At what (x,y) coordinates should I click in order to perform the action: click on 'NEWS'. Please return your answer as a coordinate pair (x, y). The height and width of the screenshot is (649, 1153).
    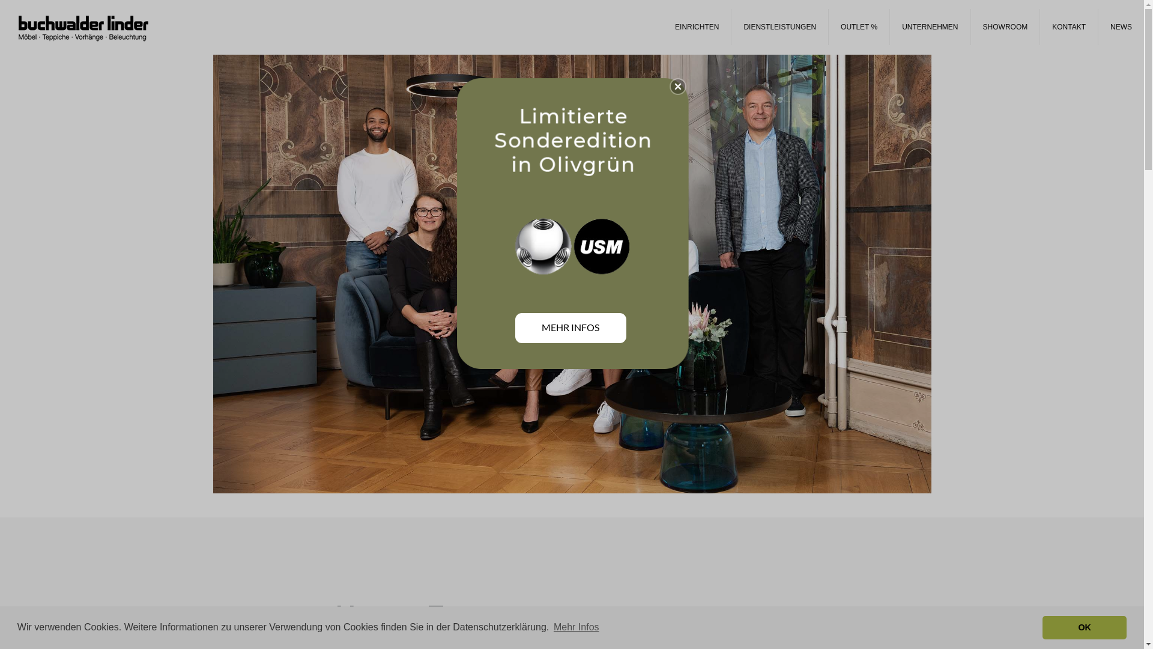
    Looking at the image, I should click on (1121, 27).